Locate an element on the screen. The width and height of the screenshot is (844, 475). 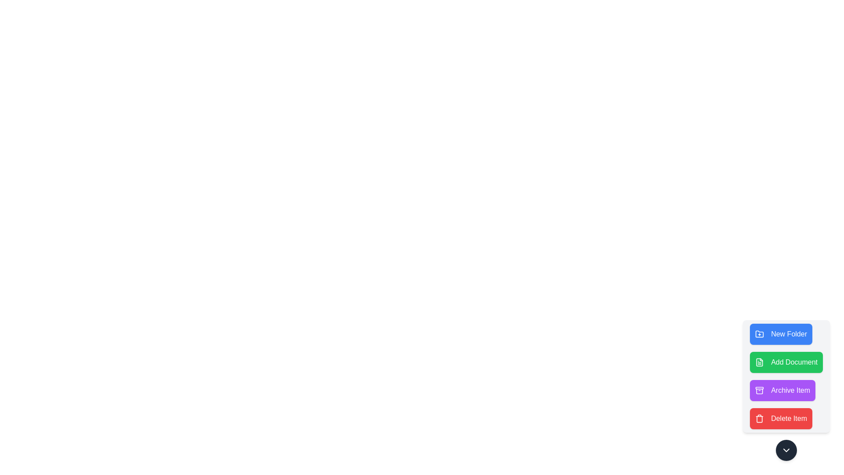
the Archive Item button in the speed dial menu is located at coordinates (782, 390).